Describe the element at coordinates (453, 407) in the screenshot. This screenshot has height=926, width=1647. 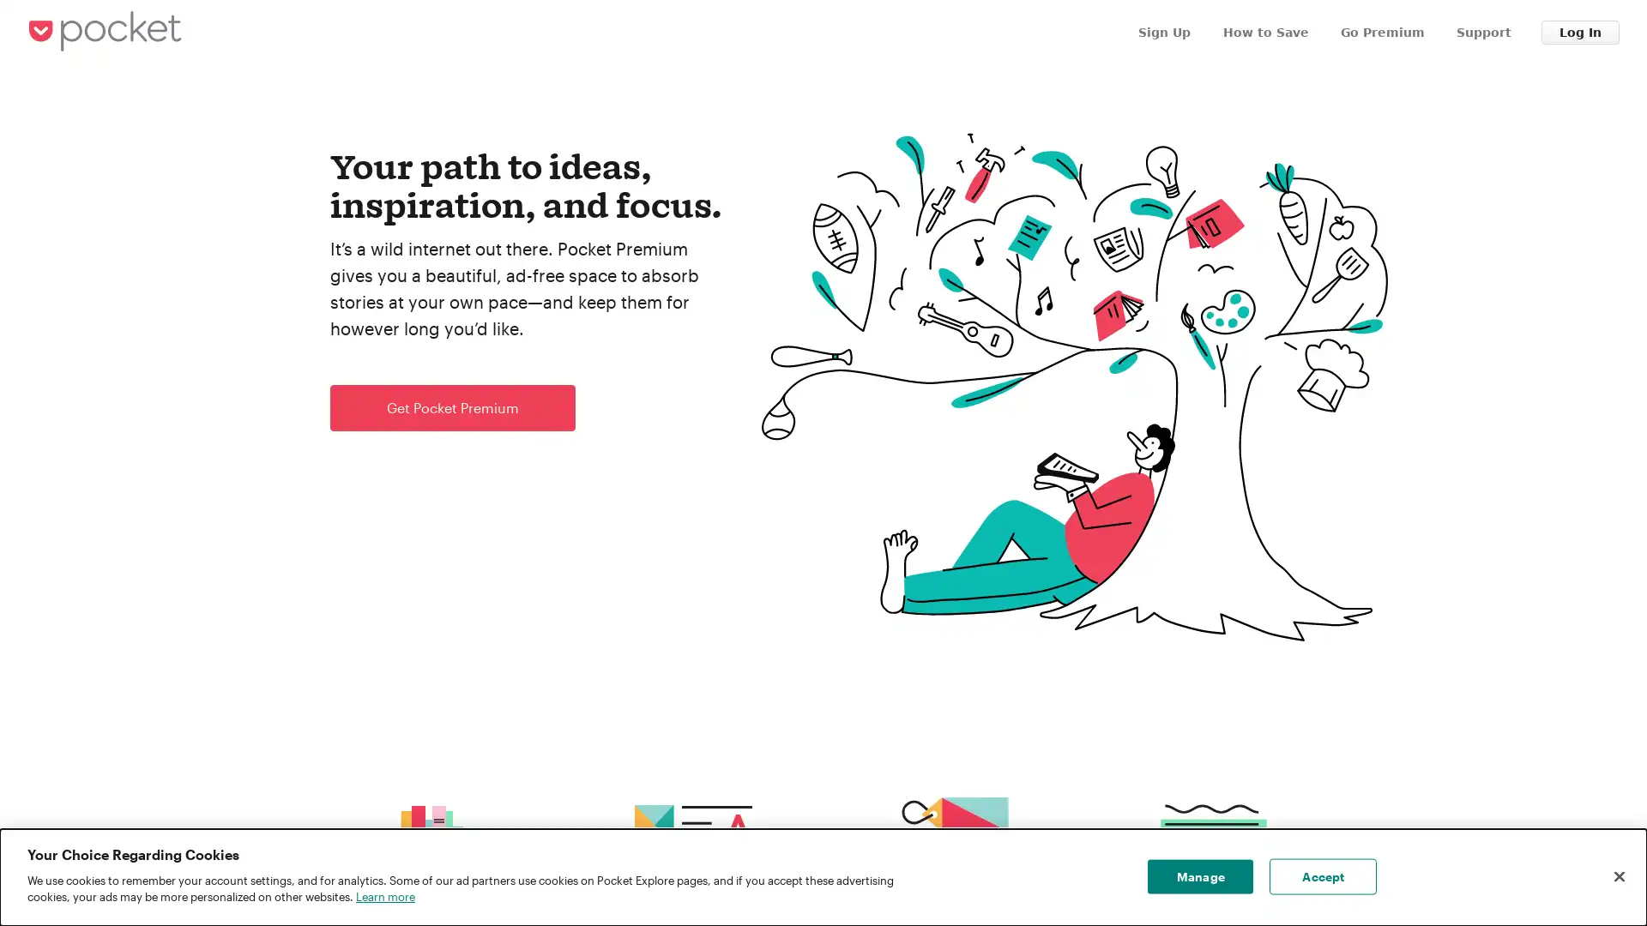
I see `Get Pocket Premium` at that location.